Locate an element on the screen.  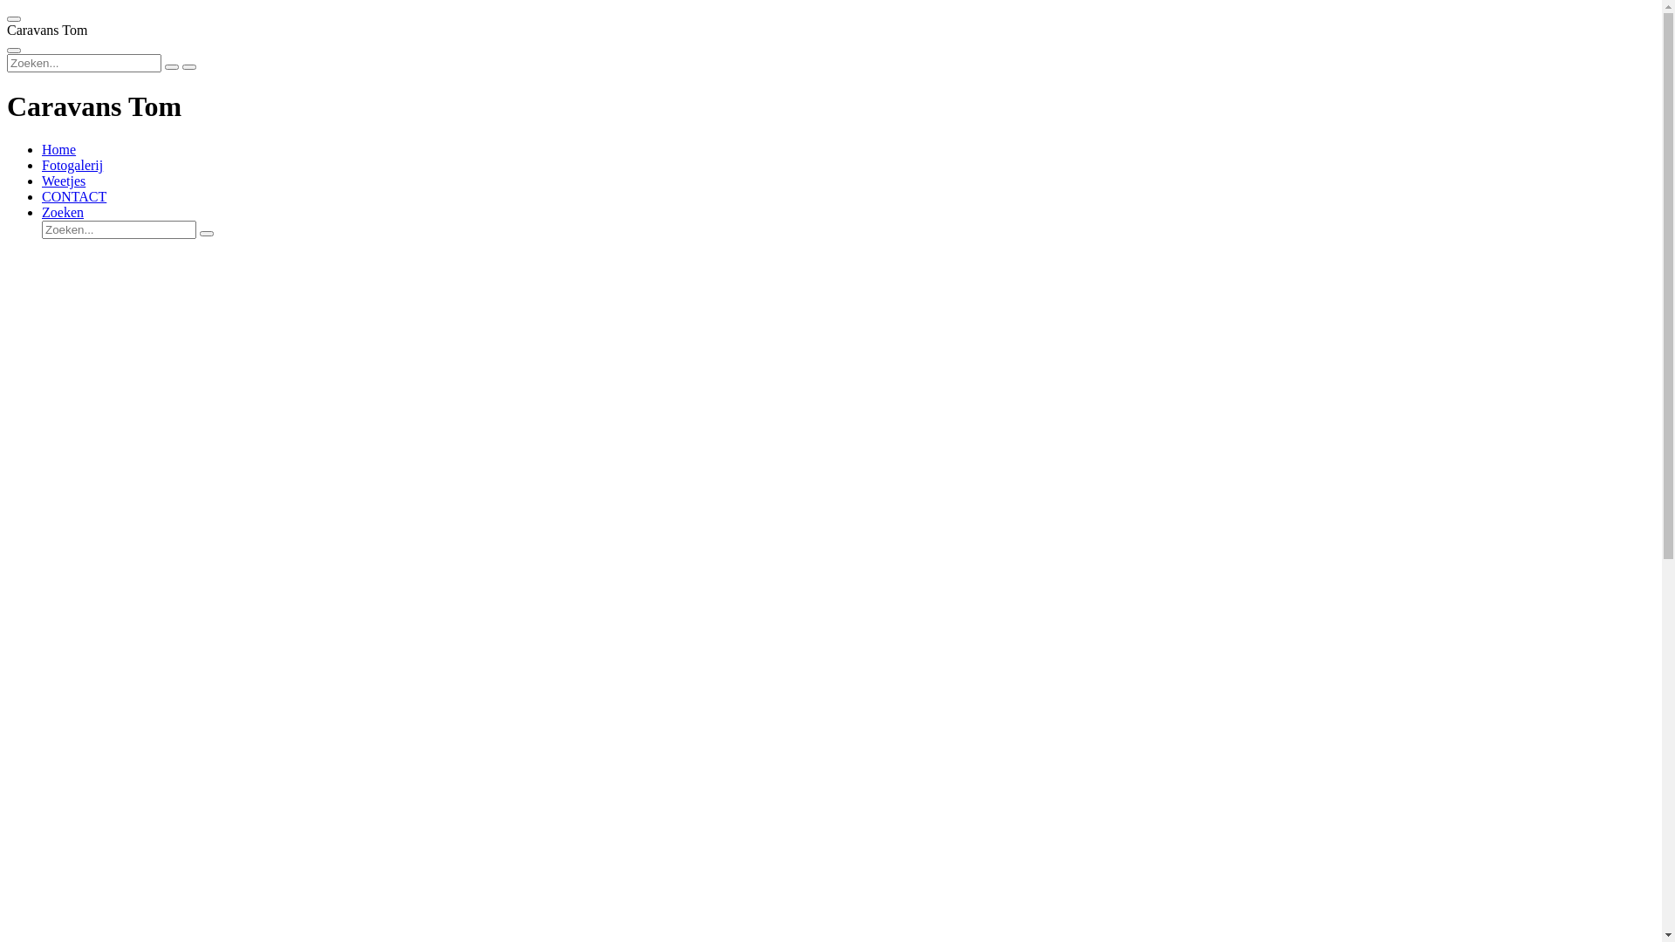
'Zoeken' is located at coordinates (63, 211).